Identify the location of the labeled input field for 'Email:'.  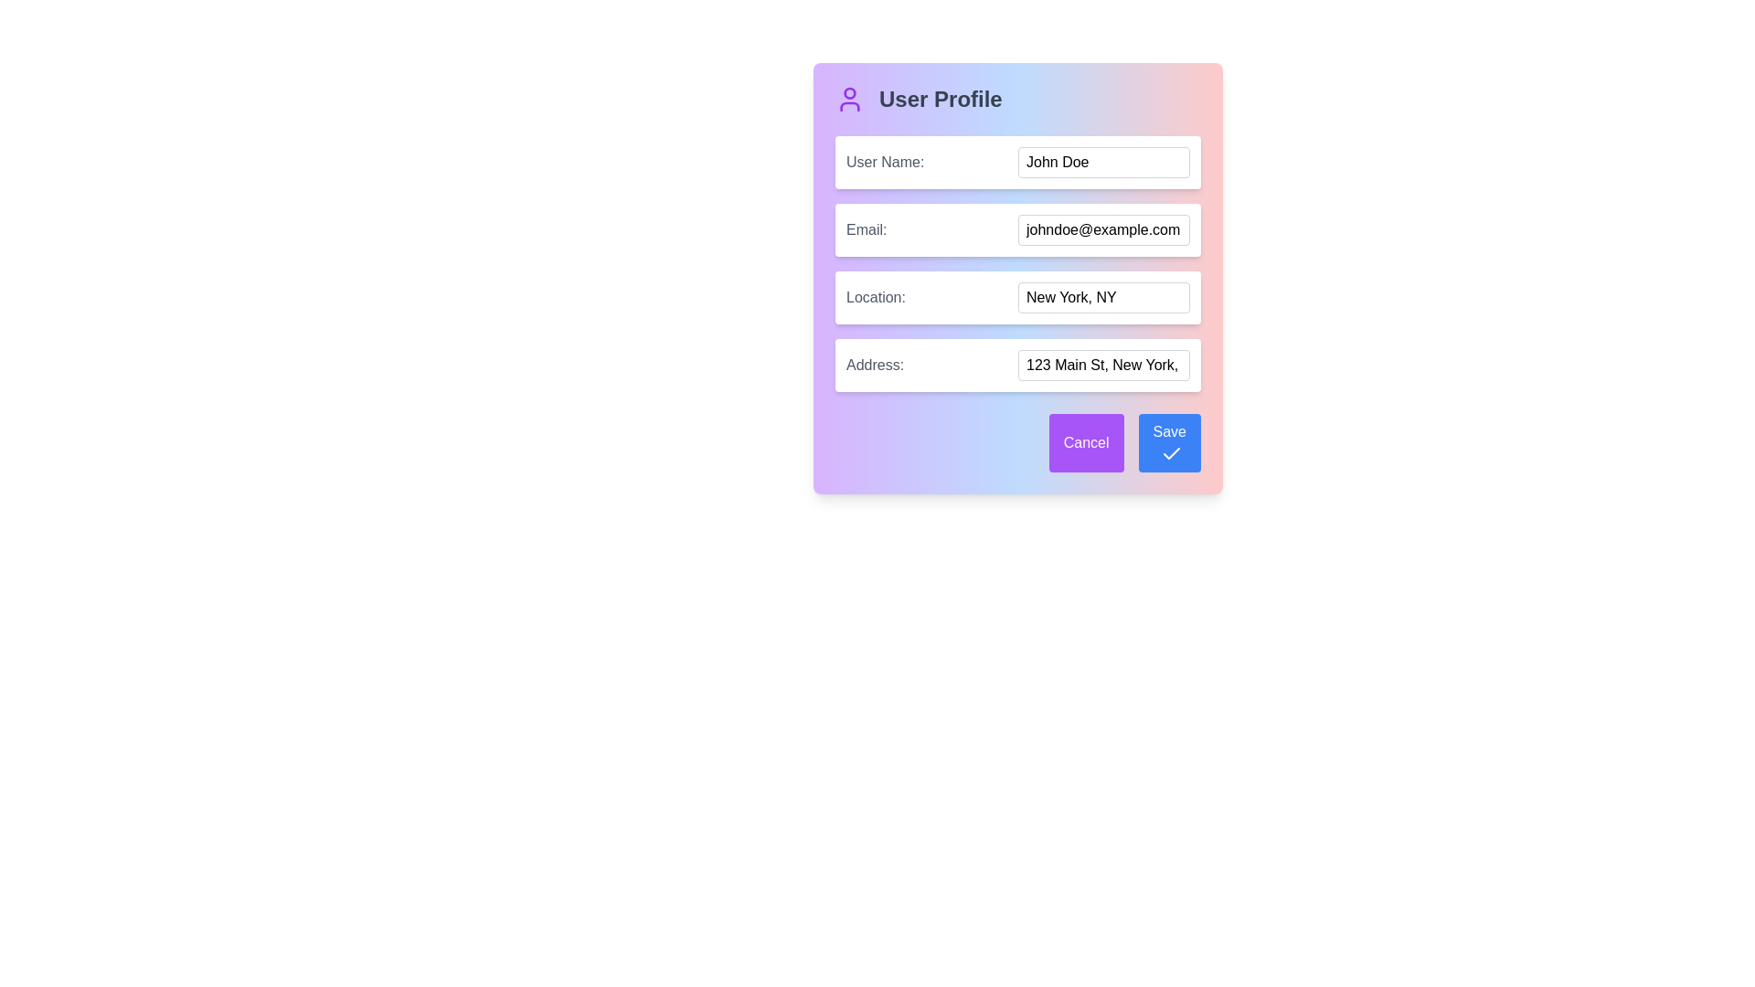
(1016, 228).